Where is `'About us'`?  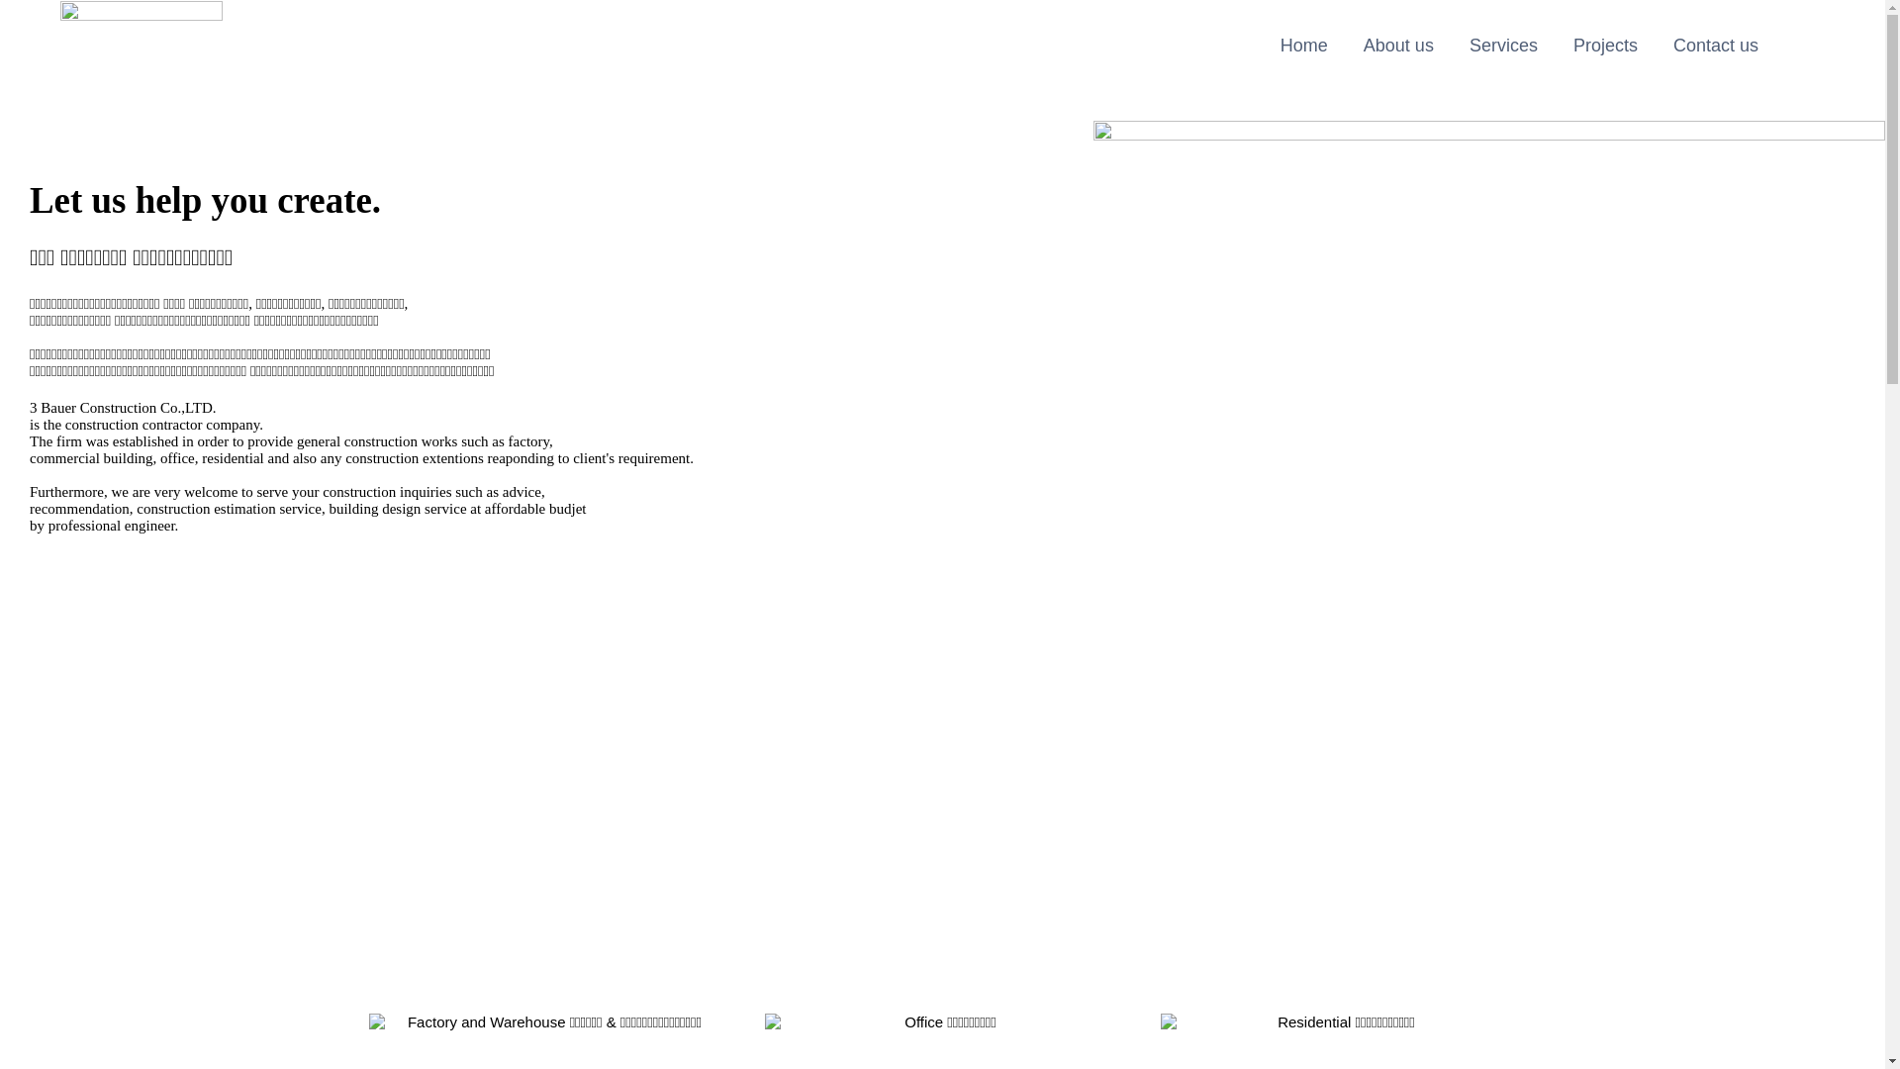
'About us' is located at coordinates (1397, 45).